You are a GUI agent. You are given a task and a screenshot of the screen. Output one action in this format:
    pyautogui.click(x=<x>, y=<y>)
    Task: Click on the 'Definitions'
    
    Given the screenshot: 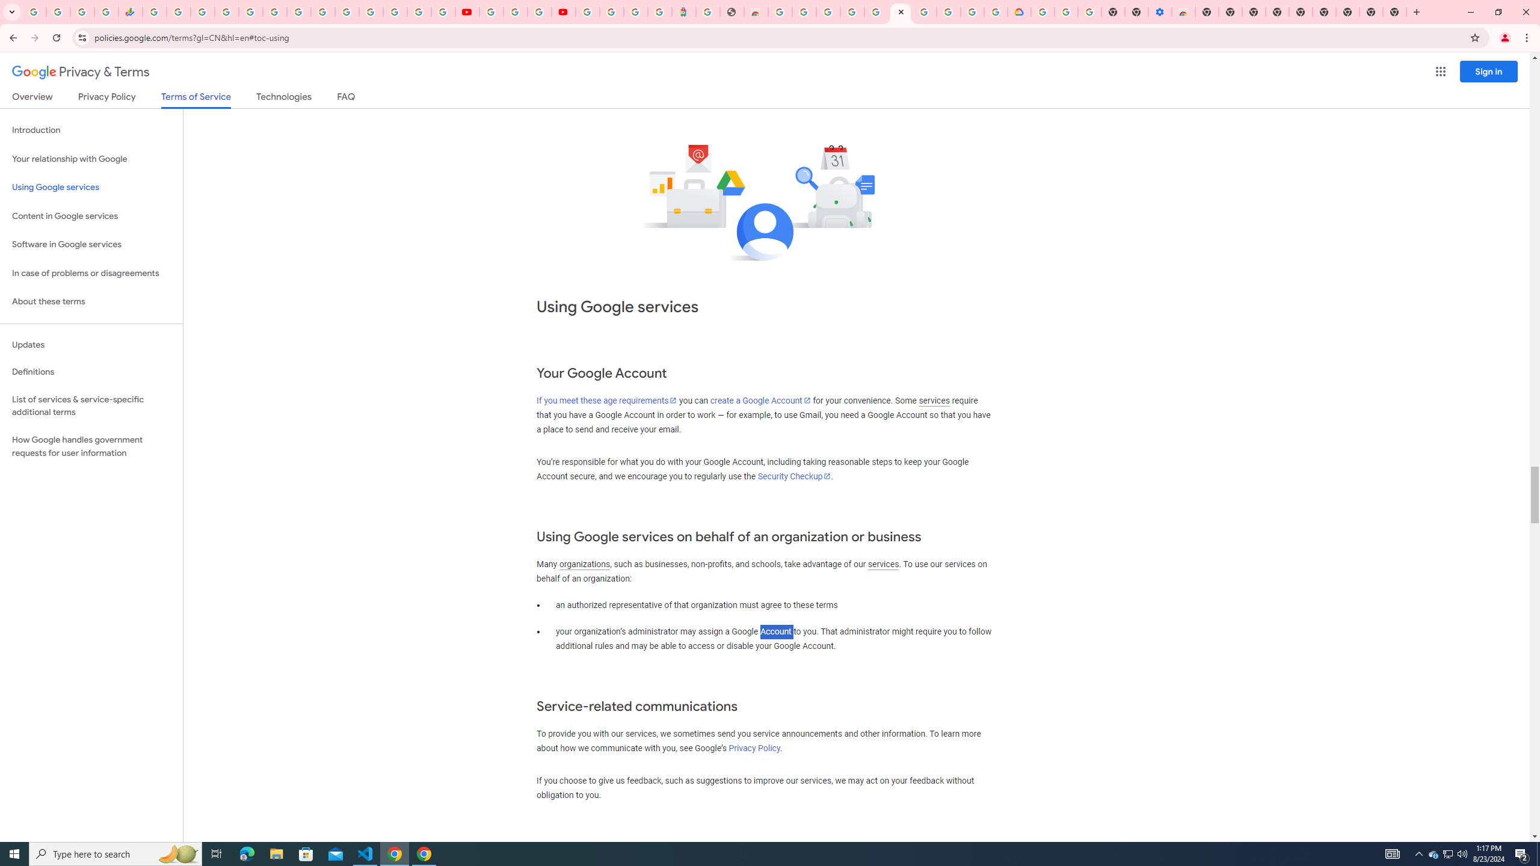 What is the action you would take?
    pyautogui.click(x=91, y=372)
    